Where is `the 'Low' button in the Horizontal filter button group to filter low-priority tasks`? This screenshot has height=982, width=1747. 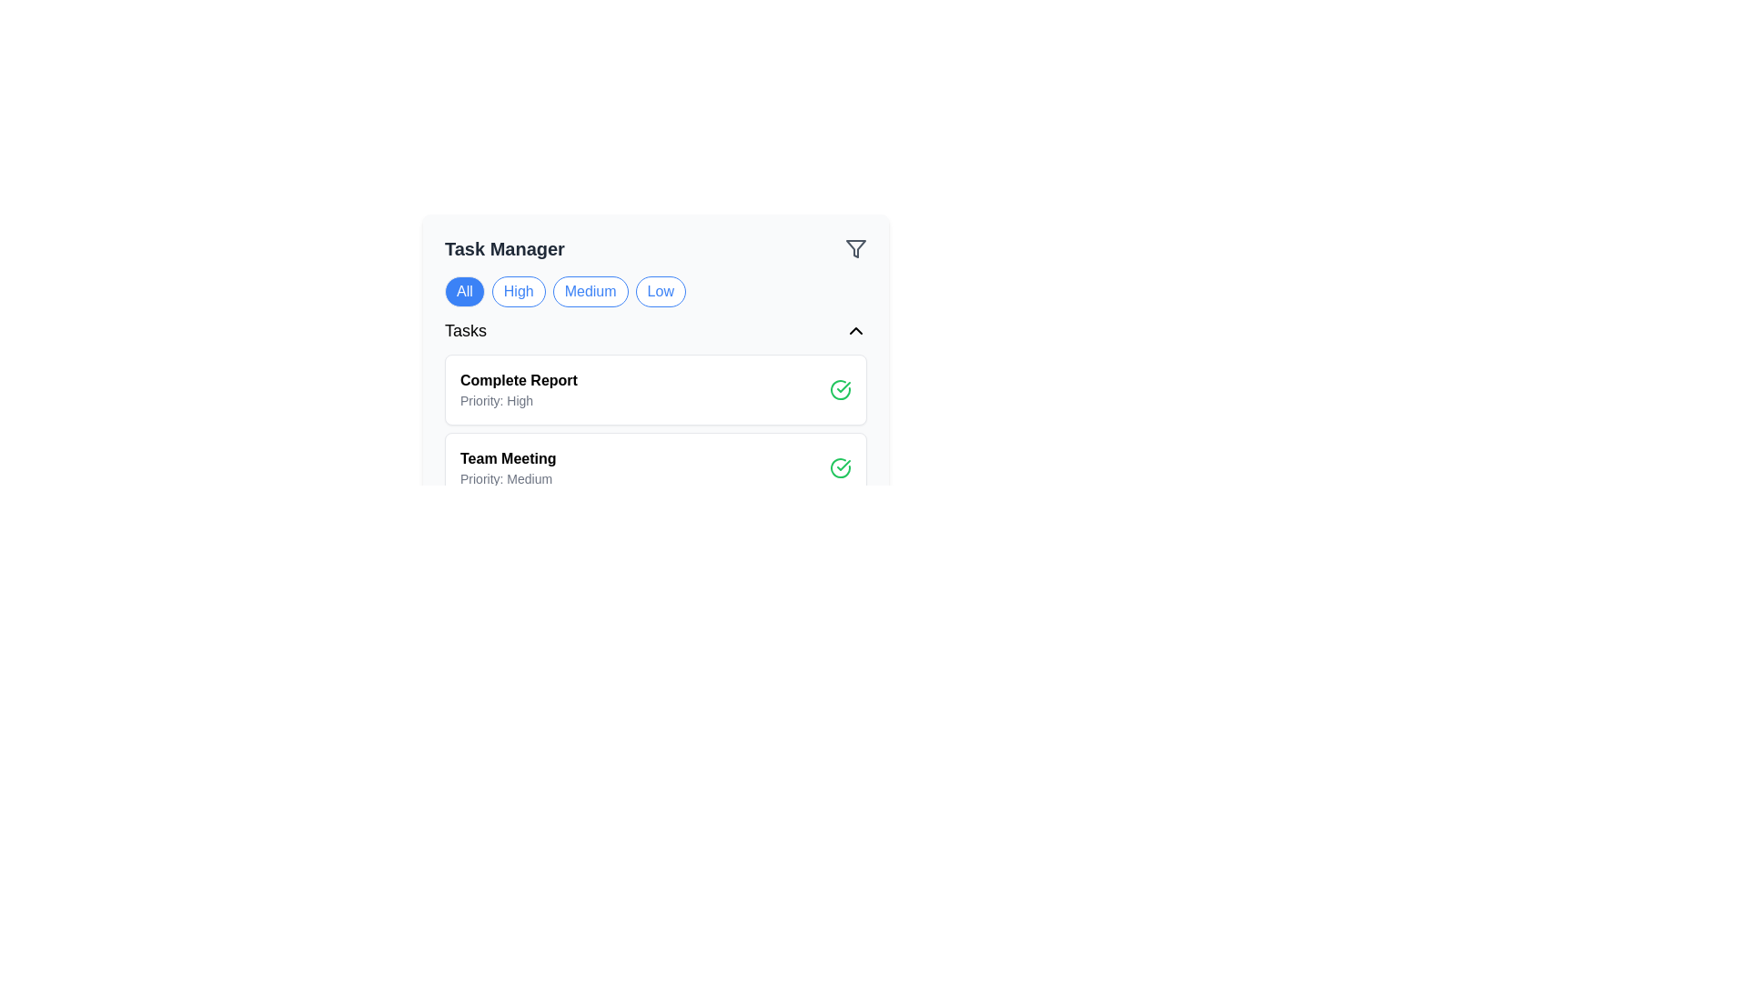
the 'Low' button in the Horizontal filter button group to filter low-priority tasks is located at coordinates (655, 290).